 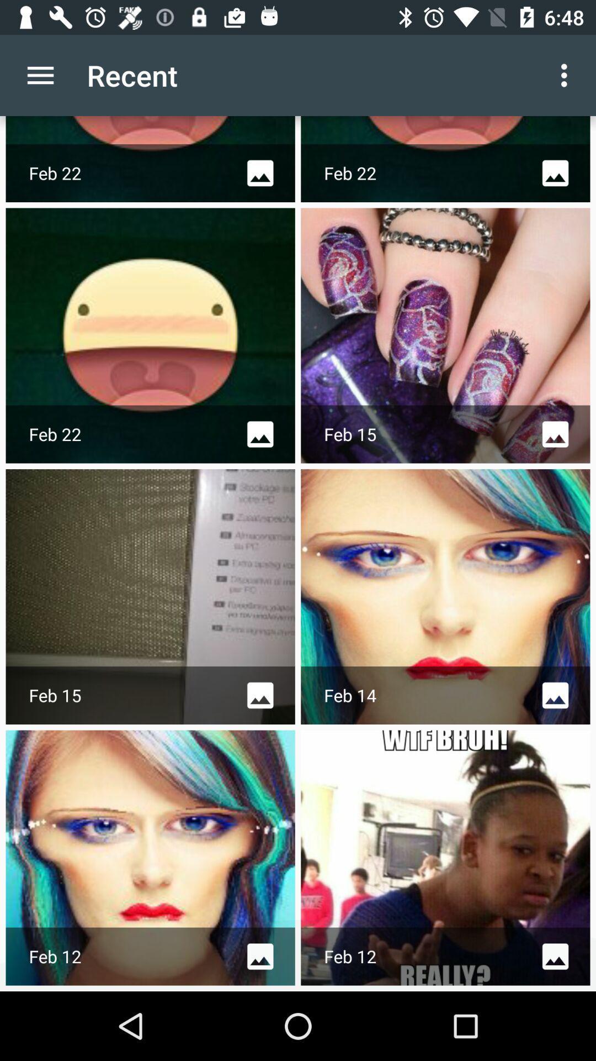 What do you see at coordinates (40, 75) in the screenshot?
I see `icon next to the recent` at bounding box center [40, 75].